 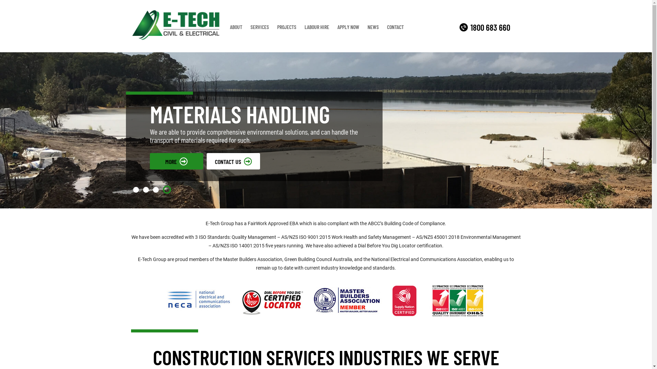 What do you see at coordinates (233, 161) in the screenshot?
I see `'CONTACT US'` at bounding box center [233, 161].